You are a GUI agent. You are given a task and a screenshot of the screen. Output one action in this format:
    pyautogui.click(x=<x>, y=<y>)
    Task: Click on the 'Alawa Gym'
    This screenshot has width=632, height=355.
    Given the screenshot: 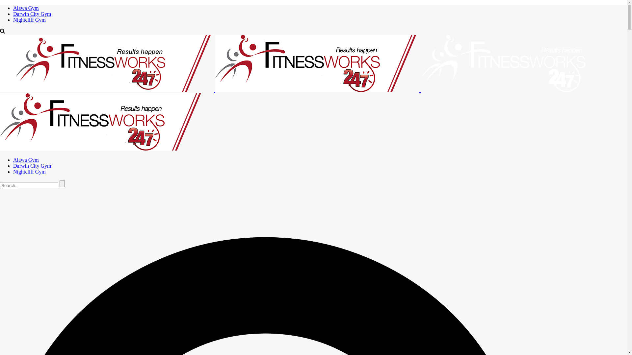 What is the action you would take?
    pyautogui.click(x=26, y=160)
    